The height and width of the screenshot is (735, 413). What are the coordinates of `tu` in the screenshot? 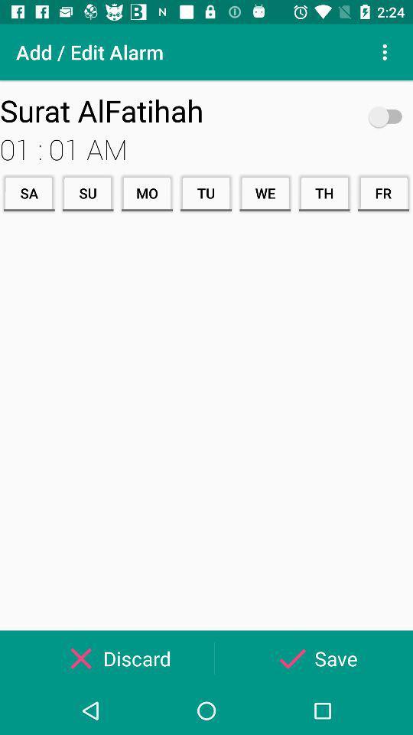 It's located at (206, 192).